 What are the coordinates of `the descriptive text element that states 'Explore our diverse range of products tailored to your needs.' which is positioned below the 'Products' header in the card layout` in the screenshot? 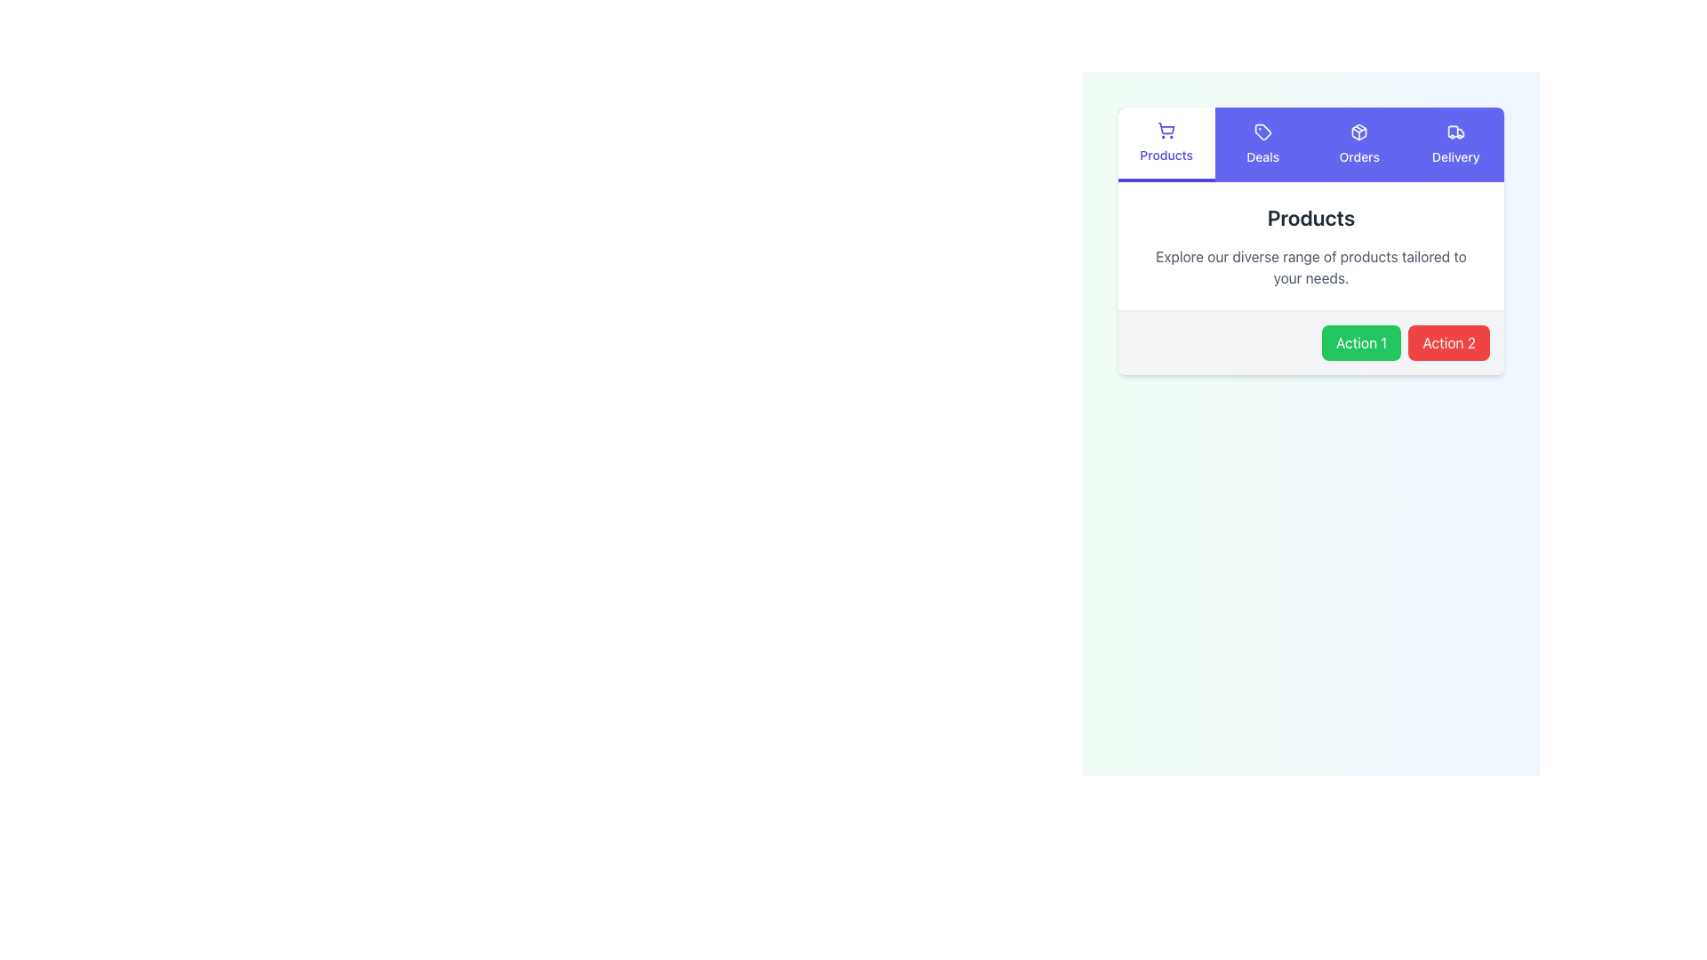 It's located at (1310, 267).